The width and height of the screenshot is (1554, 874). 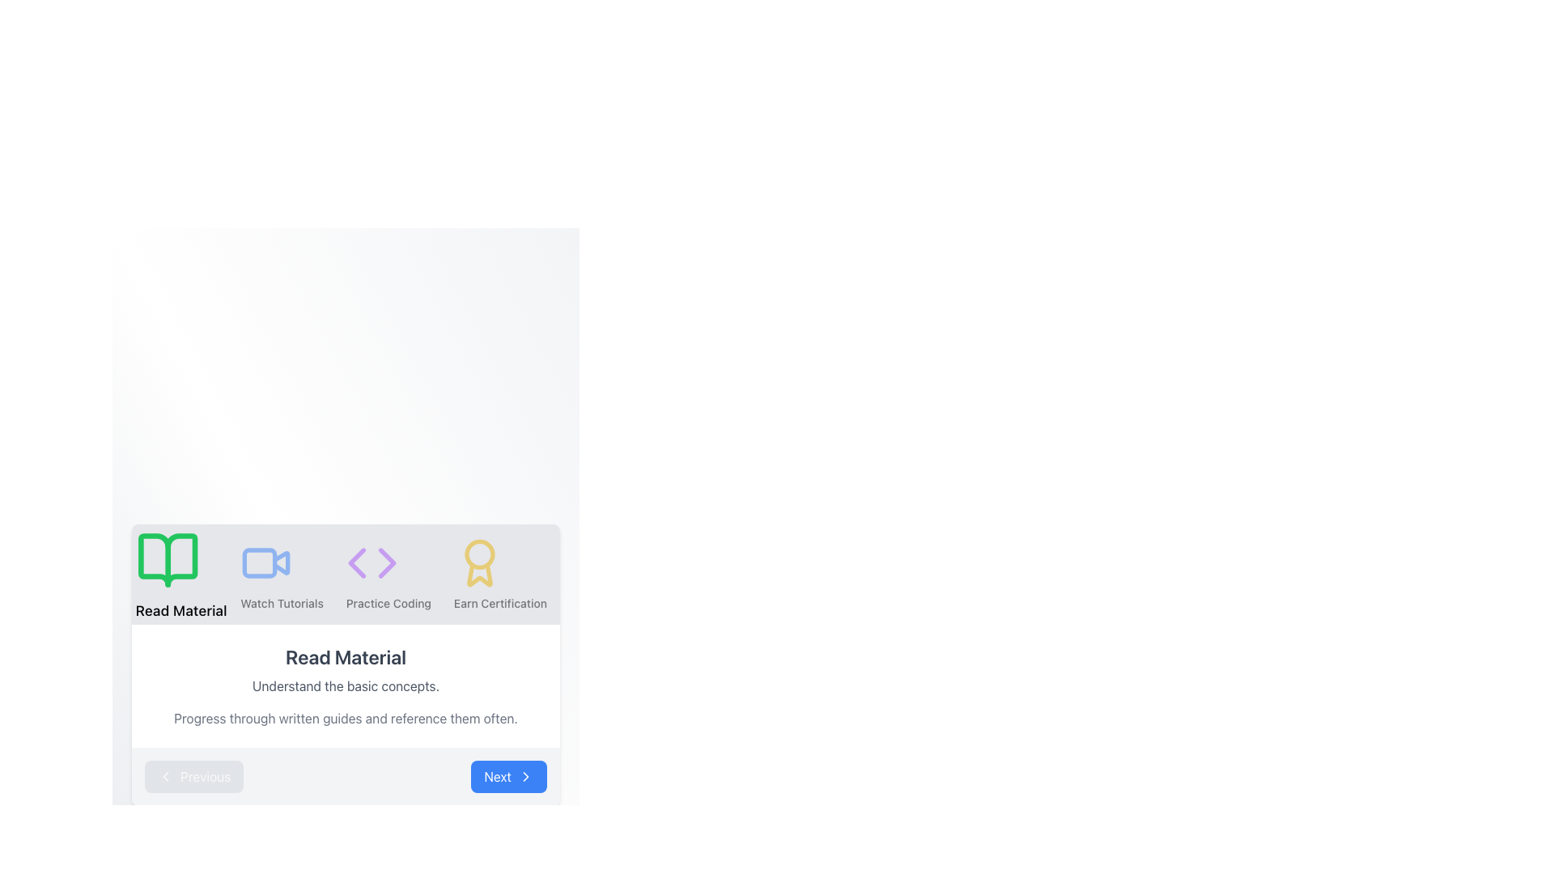 What do you see at coordinates (266, 562) in the screenshot?
I see `the blue video camera icon, which is the second icon in a horizontal layout of four icons, located between the green book icon labeled 'Read Material' and a purple coding icon` at bounding box center [266, 562].